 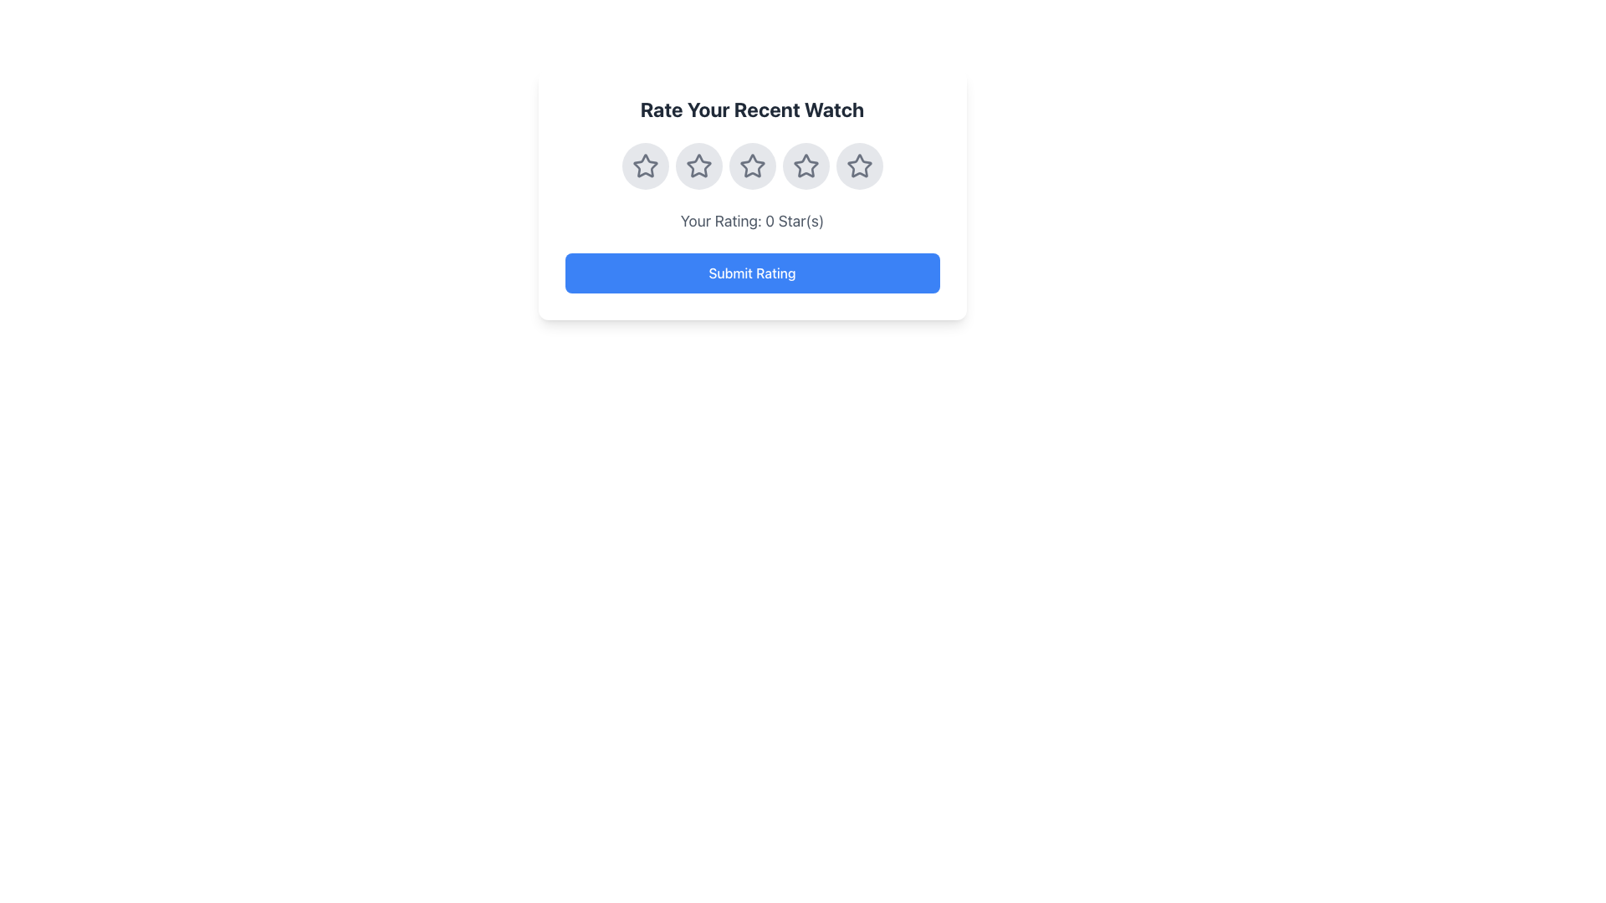 I want to click on the fourth star-shaped icon, so click(x=859, y=166).